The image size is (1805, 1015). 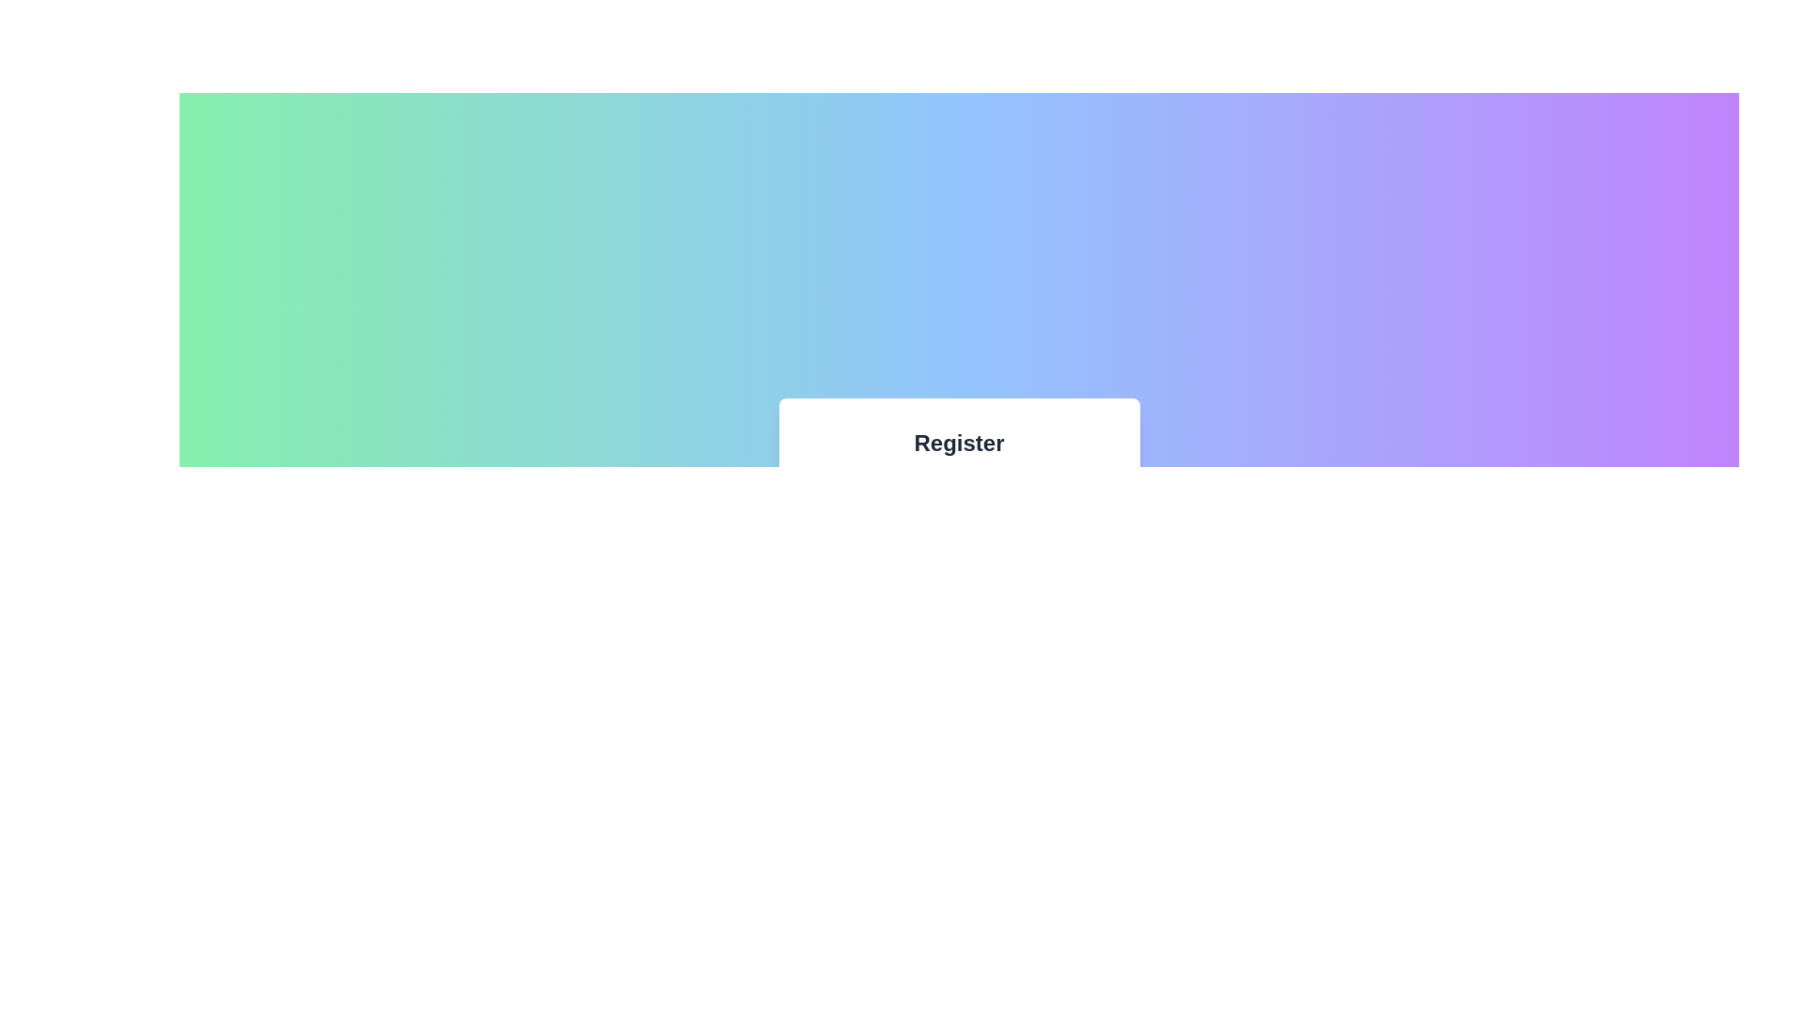 I want to click on the static text label that serves as the title for the registration form, positioned centrally at the top of the form, so click(x=959, y=443).